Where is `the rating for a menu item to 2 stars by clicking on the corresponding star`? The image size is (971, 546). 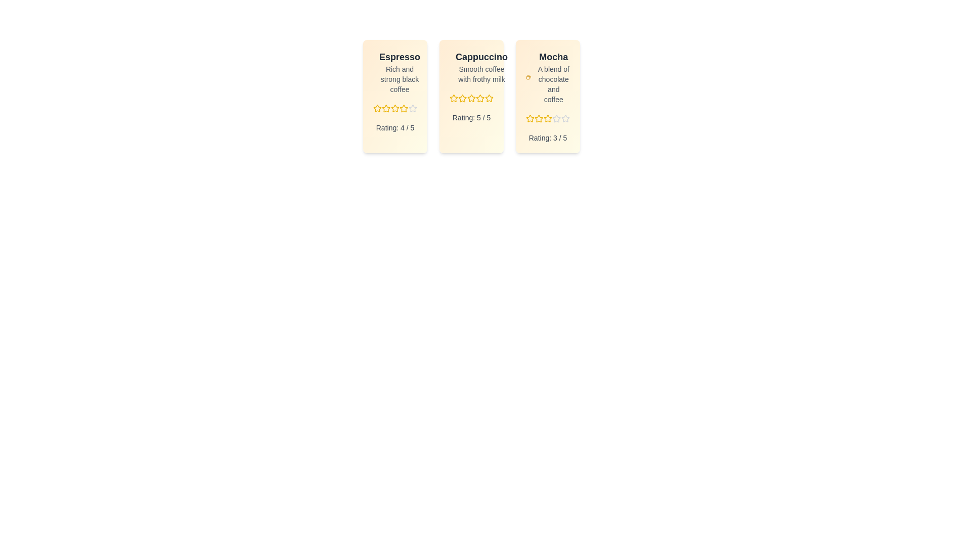 the rating for a menu item to 2 stars by clicking on the corresponding star is located at coordinates (386, 109).